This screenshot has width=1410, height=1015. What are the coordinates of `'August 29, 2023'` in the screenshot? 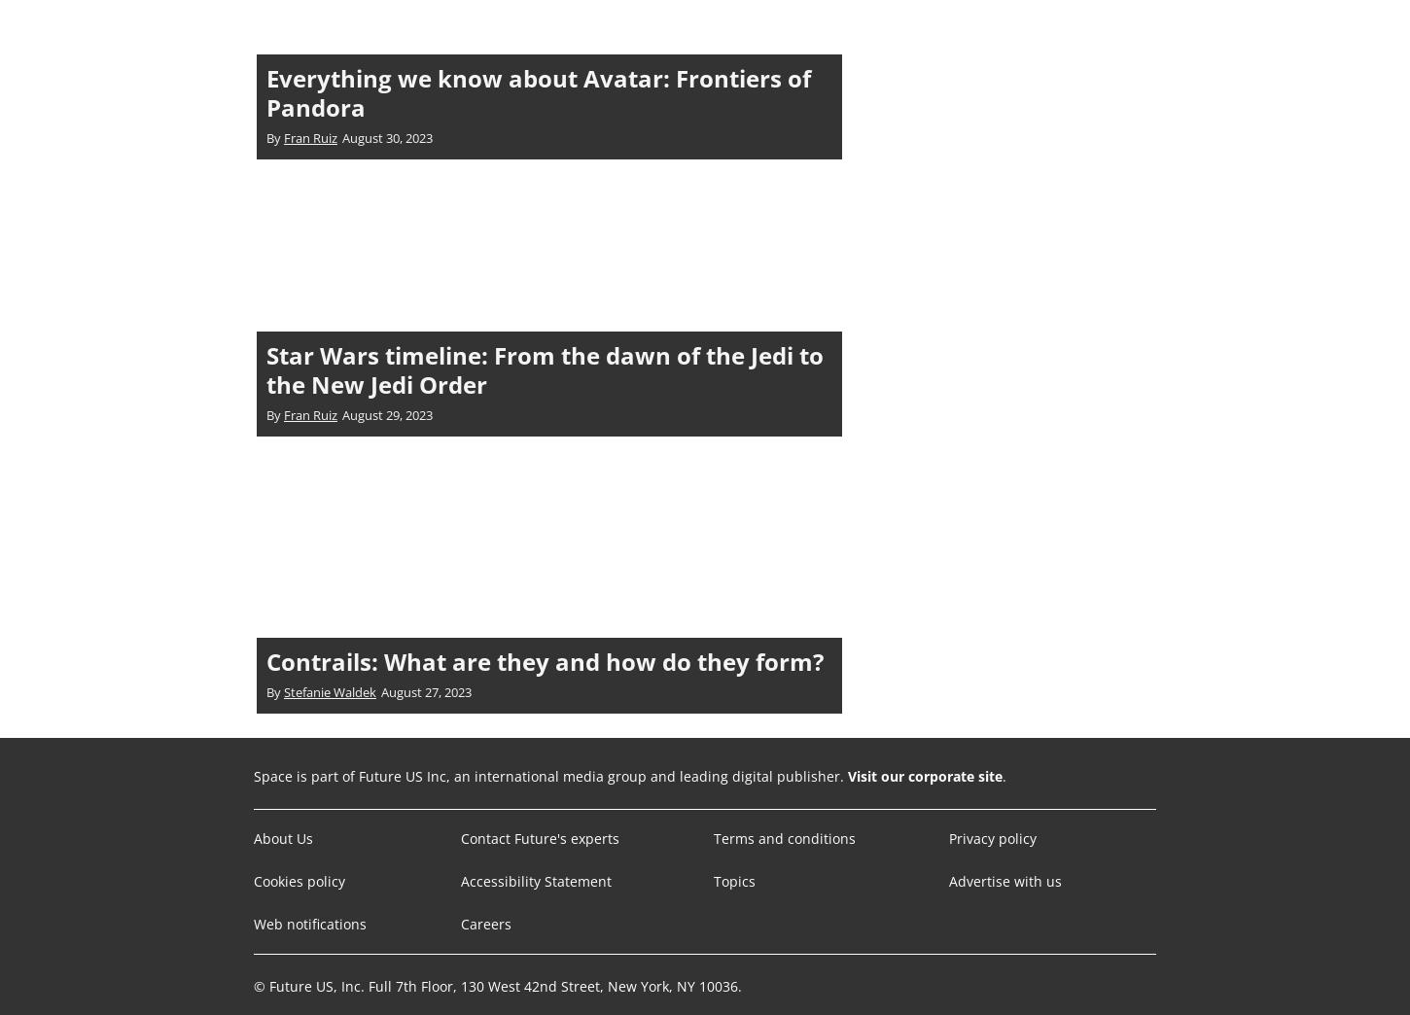 It's located at (386, 413).